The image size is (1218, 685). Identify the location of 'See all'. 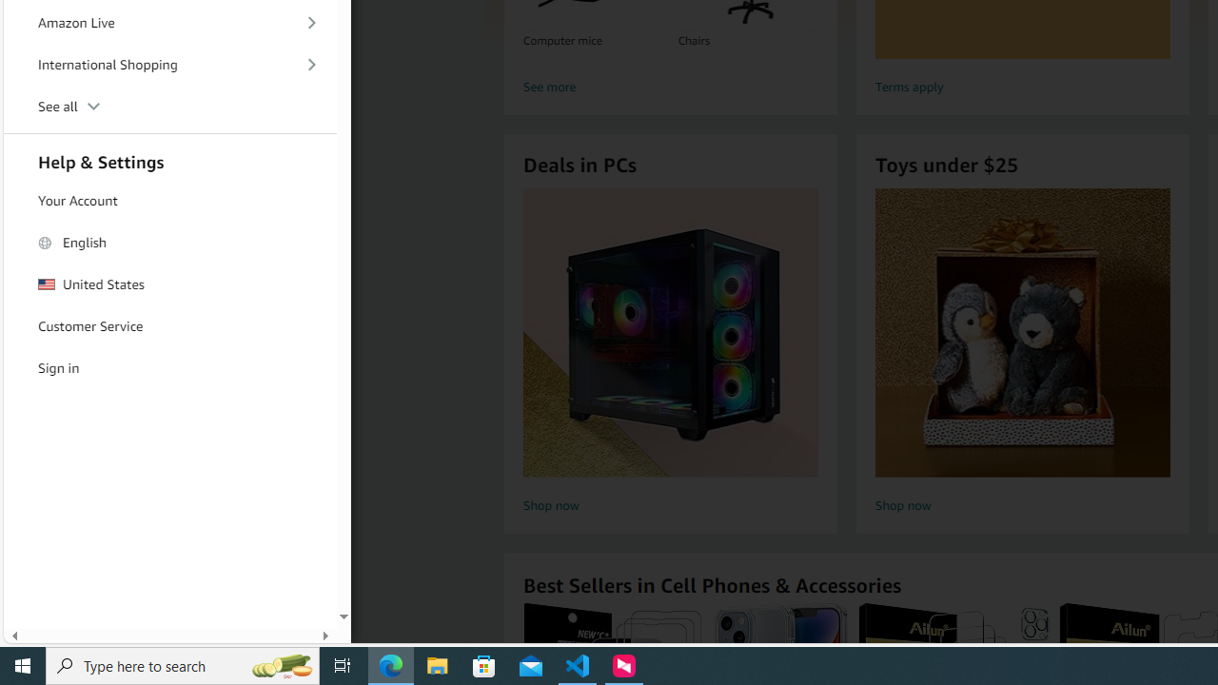
(170, 108).